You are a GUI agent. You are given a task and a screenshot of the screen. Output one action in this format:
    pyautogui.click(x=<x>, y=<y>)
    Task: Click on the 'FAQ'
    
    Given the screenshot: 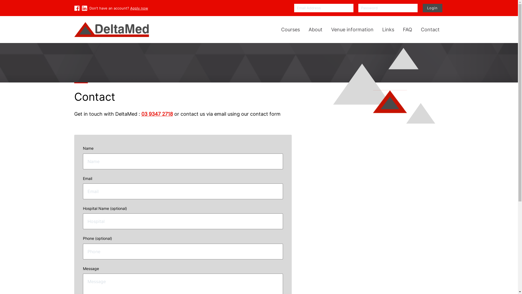 What is the action you would take?
    pyautogui.click(x=407, y=29)
    